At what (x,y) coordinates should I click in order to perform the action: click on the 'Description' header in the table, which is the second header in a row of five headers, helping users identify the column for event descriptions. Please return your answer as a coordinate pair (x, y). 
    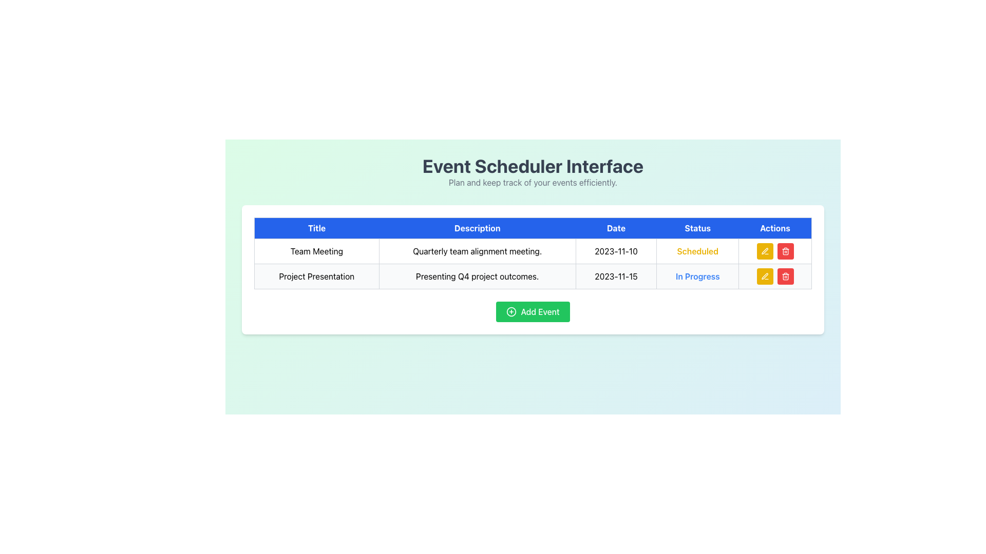
    Looking at the image, I should click on (477, 227).